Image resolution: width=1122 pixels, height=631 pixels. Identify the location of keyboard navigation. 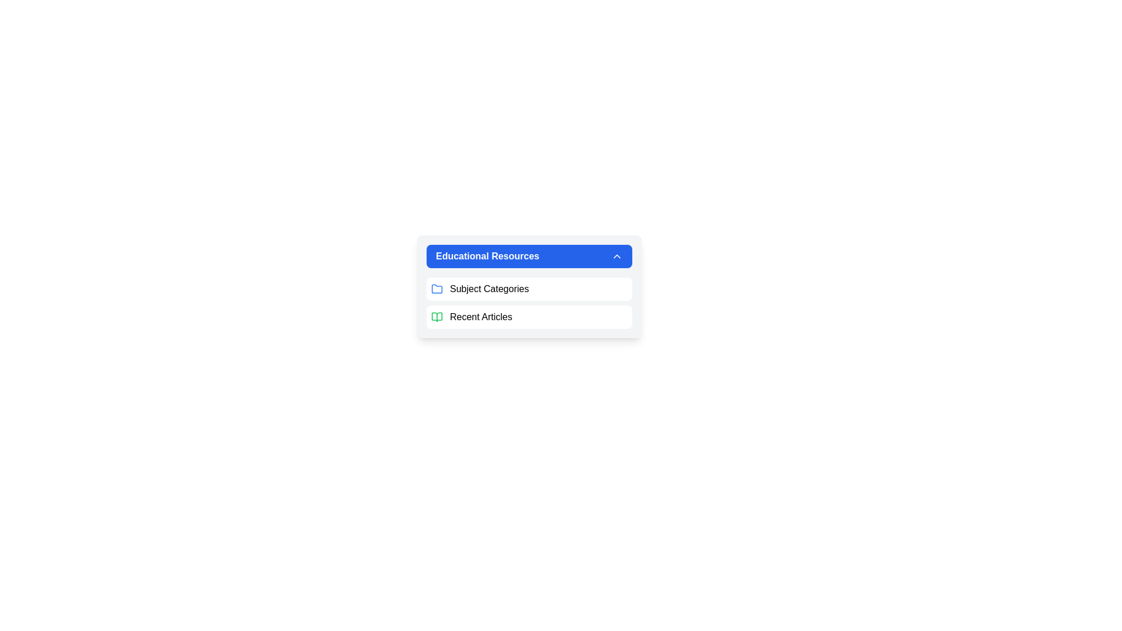
(529, 256).